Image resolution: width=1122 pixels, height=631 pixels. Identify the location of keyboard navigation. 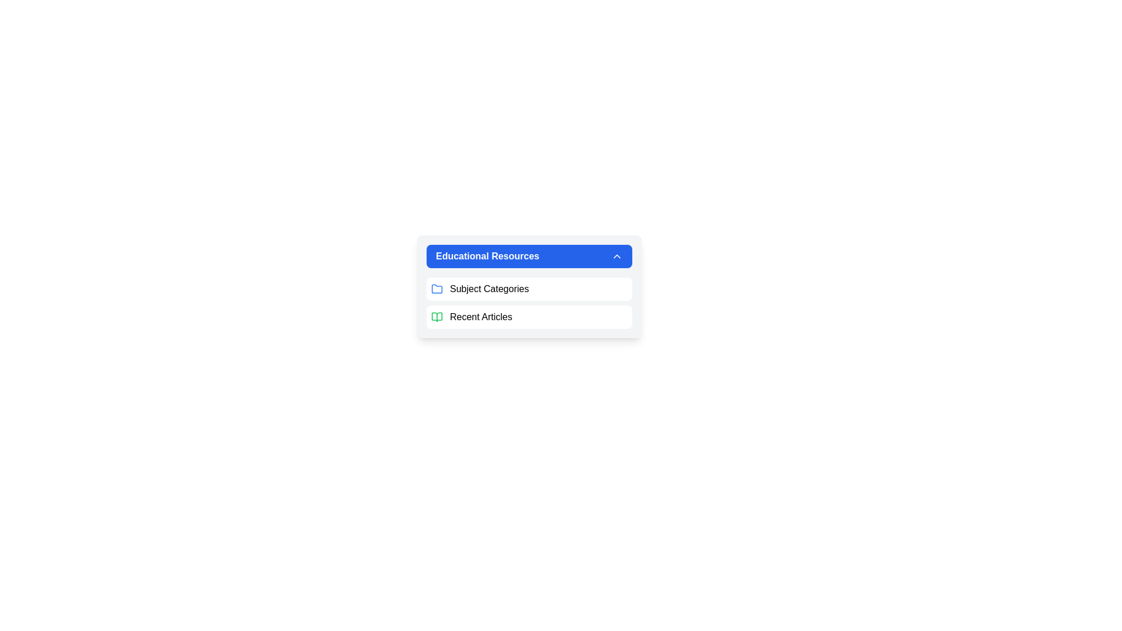
(529, 256).